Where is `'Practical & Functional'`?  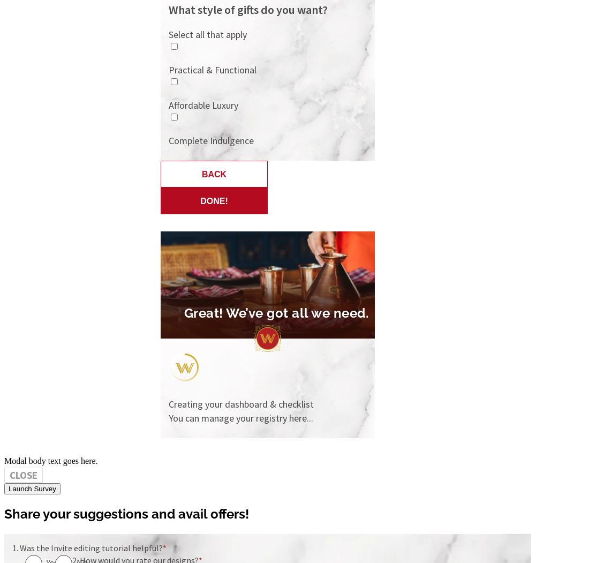
'Practical & Functional' is located at coordinates (213, 69).